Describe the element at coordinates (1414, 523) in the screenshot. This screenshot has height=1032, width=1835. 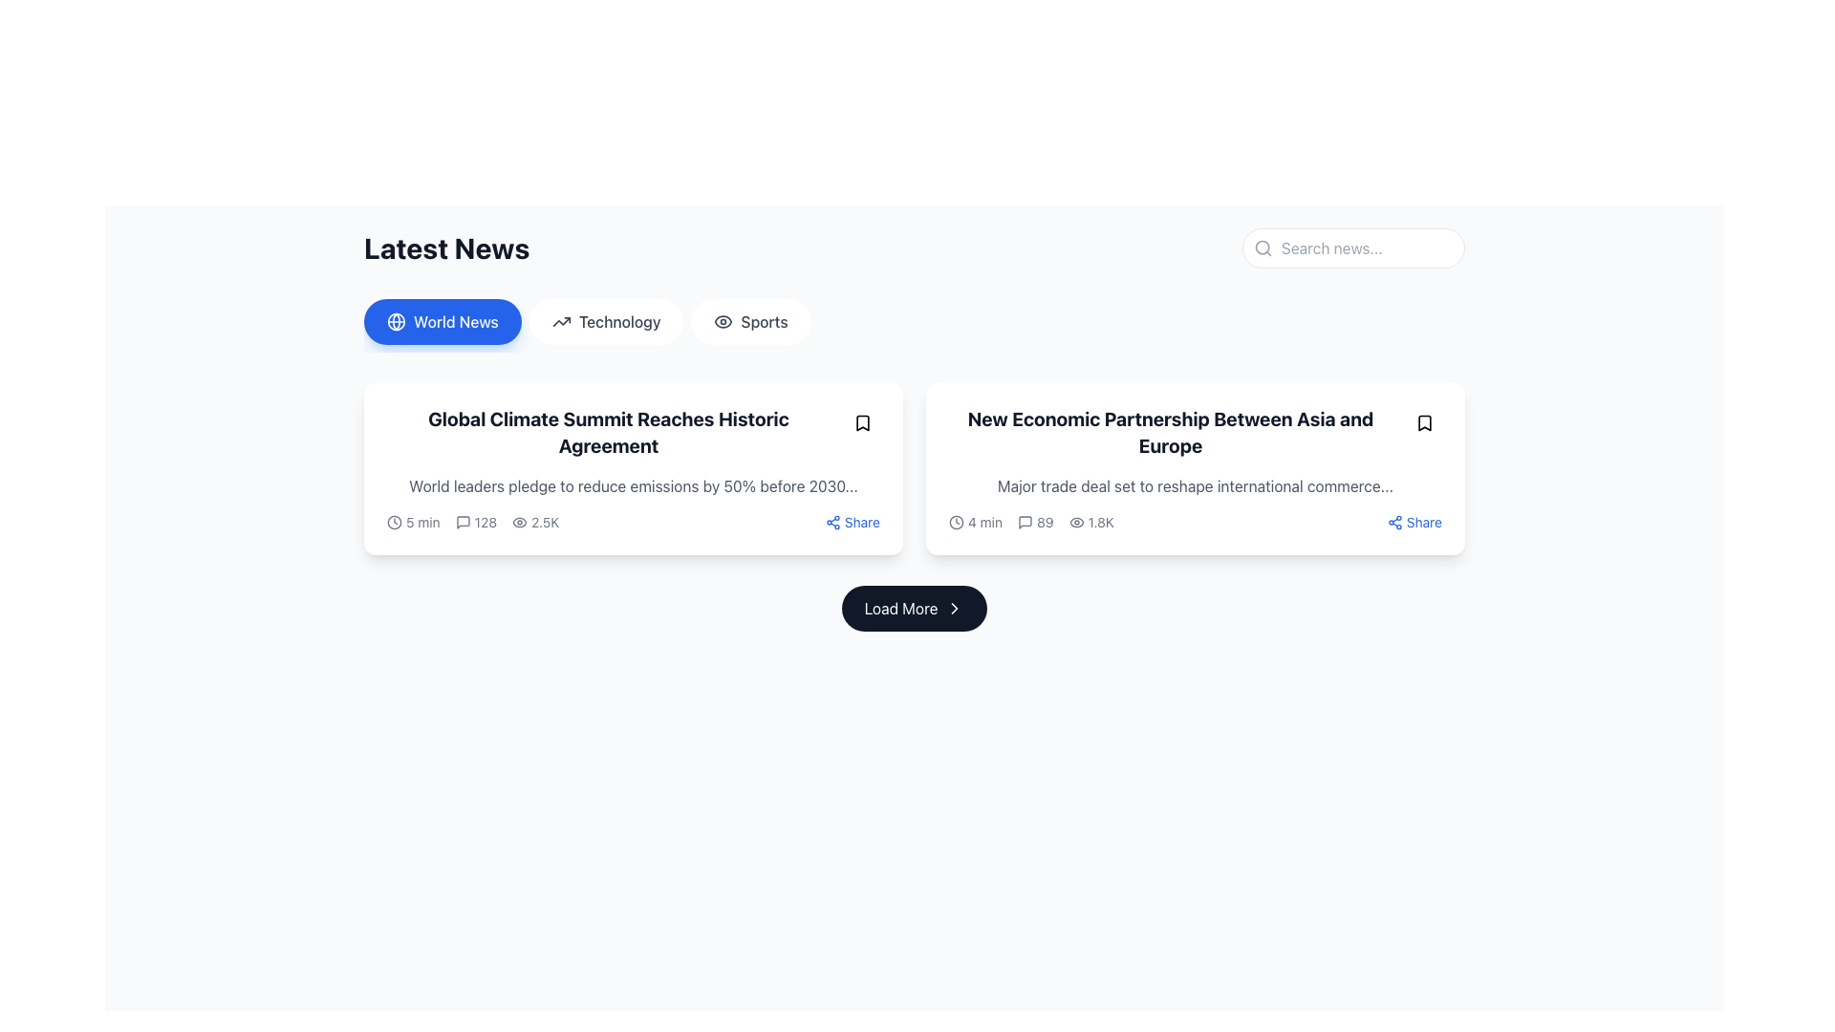
I see `the 'Share' button located at the bottom-right of the card titled 'New Economic Partnership Between Asia and Europe'` at that location.